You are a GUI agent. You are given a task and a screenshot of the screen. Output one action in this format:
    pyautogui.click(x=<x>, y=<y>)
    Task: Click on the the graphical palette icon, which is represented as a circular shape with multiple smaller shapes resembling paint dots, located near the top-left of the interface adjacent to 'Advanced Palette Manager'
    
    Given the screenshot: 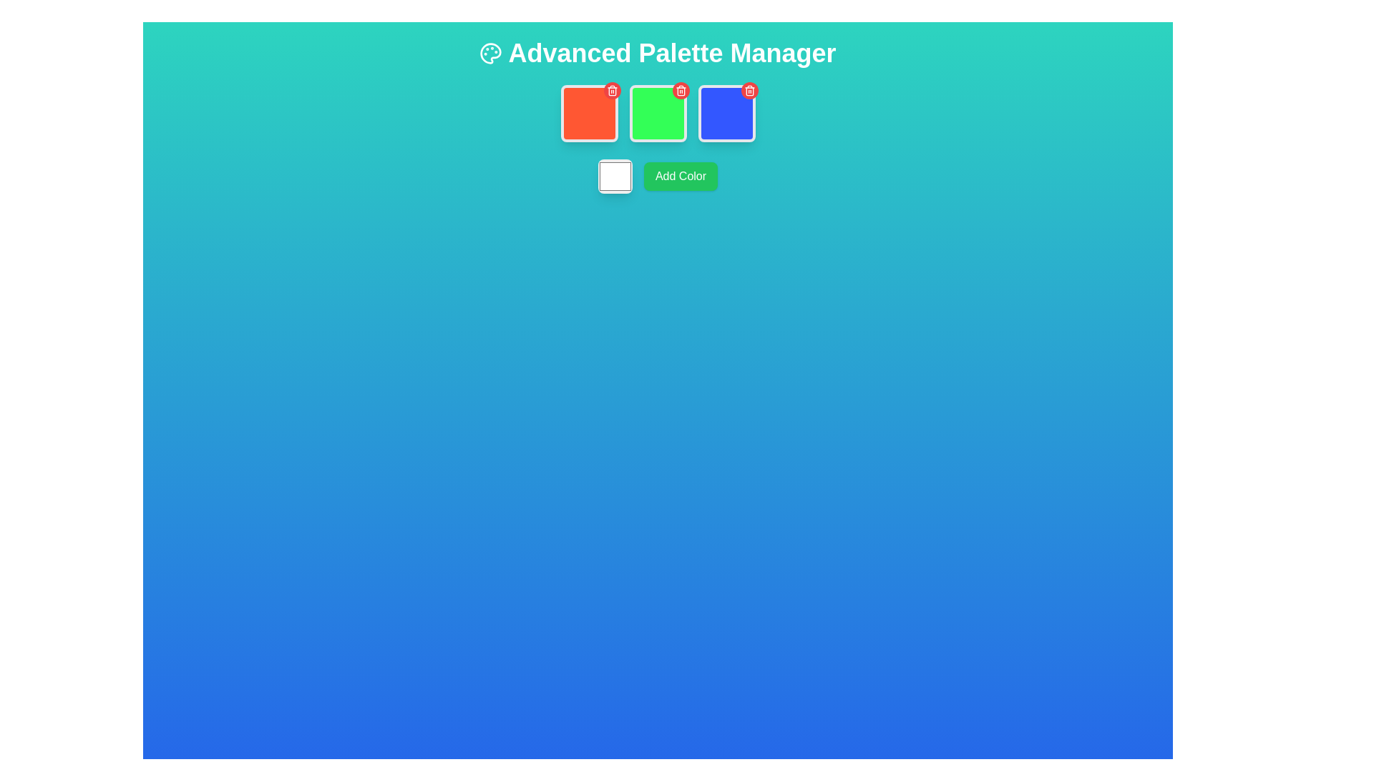 What is the action you would take?
    pyautogui.click(x=491, y=52)
    